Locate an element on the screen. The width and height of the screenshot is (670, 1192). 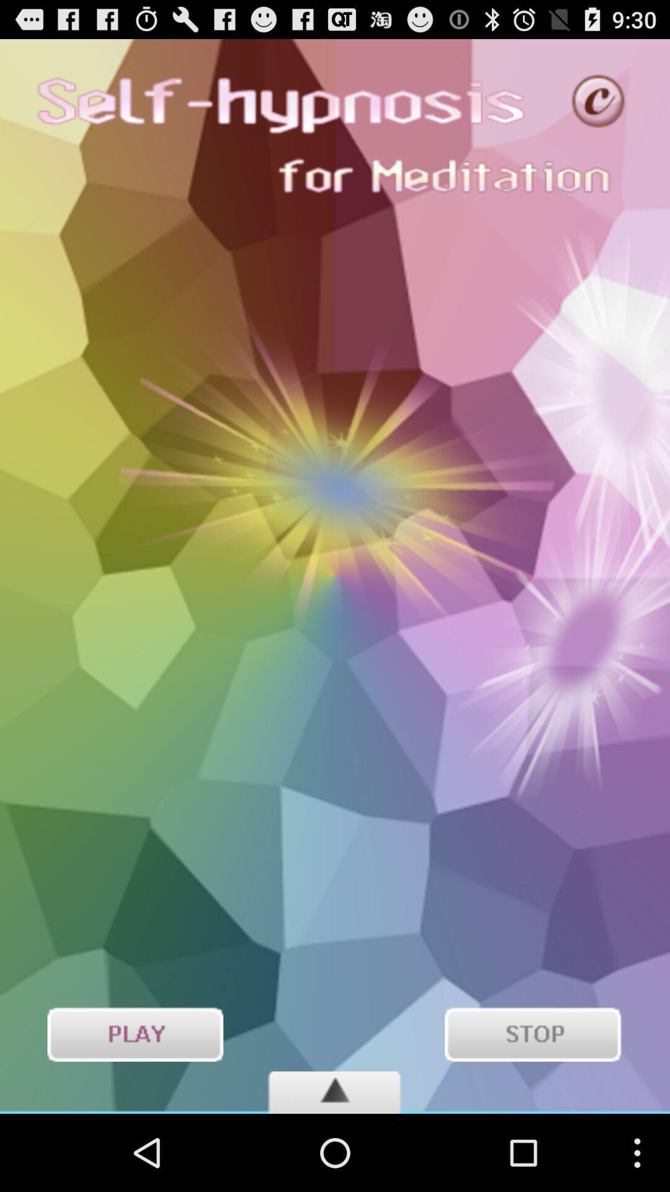
the refresh icon is located at coordinates (598, 107).